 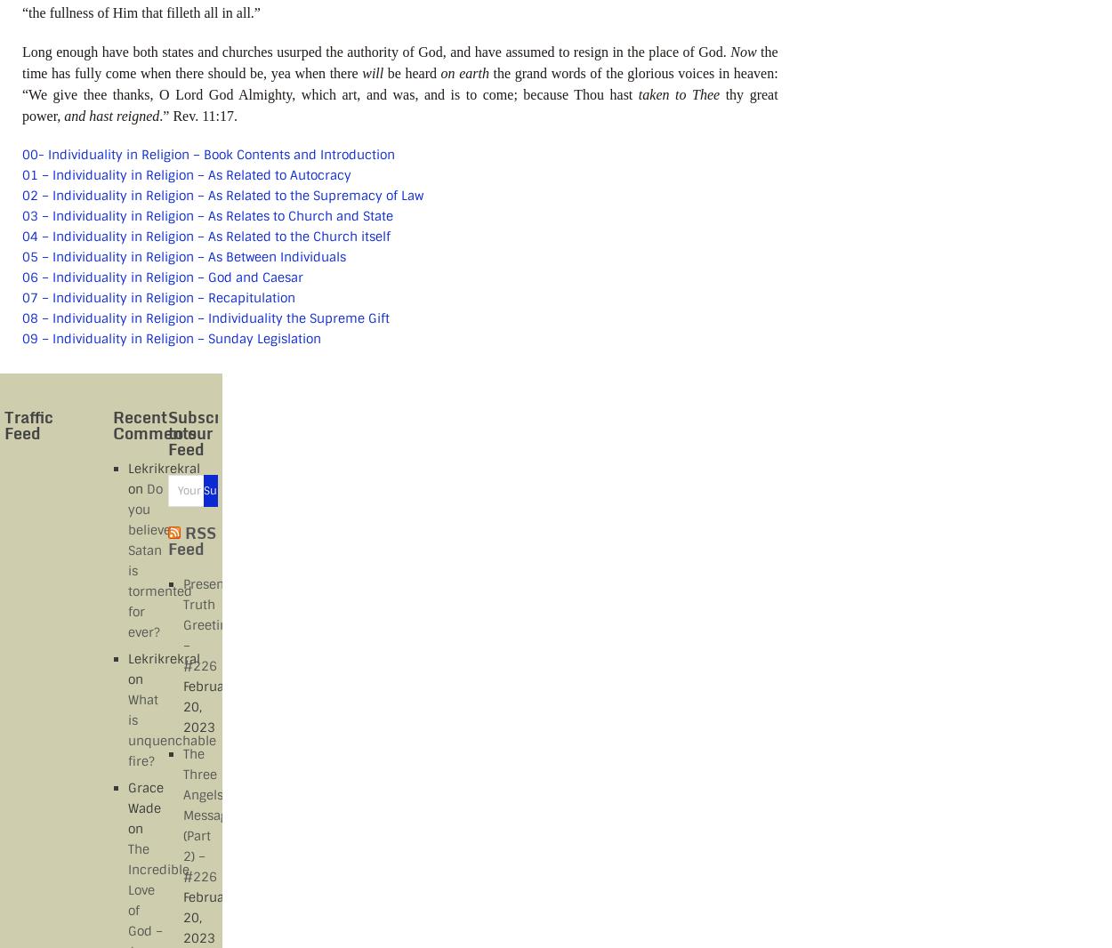 I want to click on '00- Individuality in Religion – Book Contents and Introduction', so click(x=207, y=153).